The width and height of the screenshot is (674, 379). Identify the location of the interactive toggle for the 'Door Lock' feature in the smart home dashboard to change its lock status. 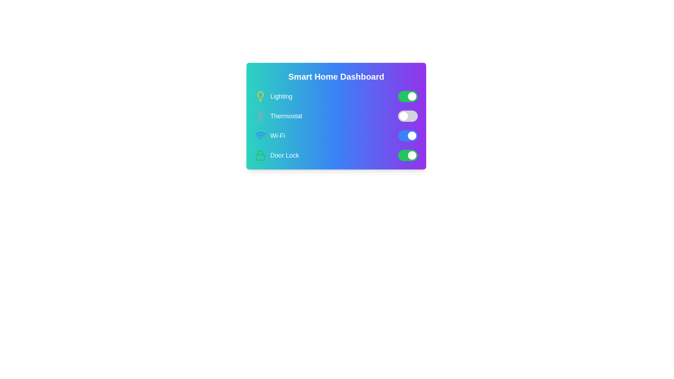
(336, 155).